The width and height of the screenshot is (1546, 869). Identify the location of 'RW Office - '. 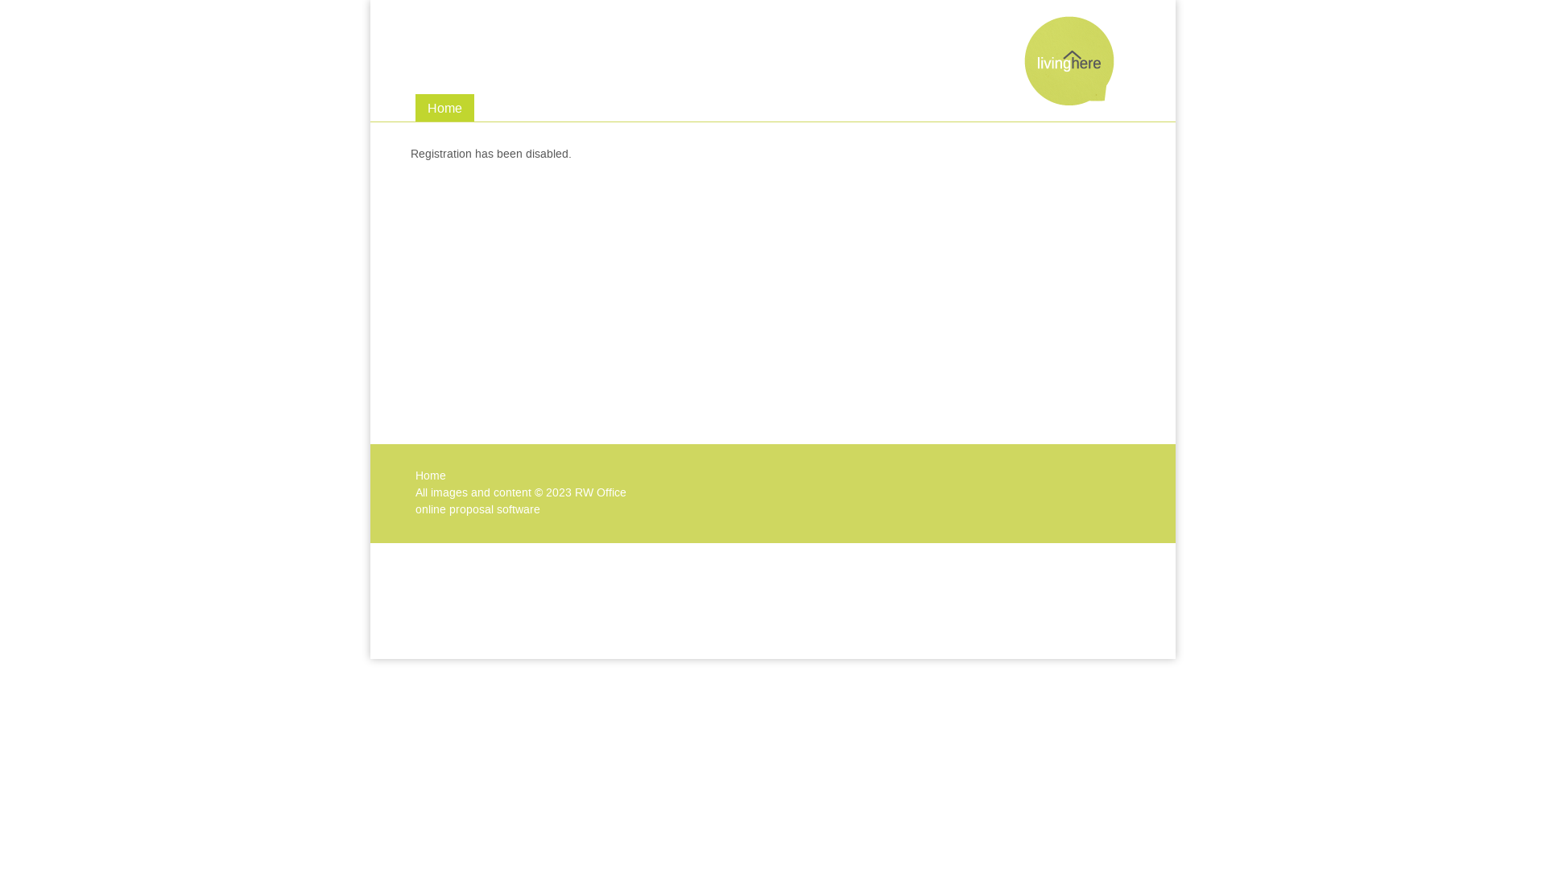
(1069, 98).